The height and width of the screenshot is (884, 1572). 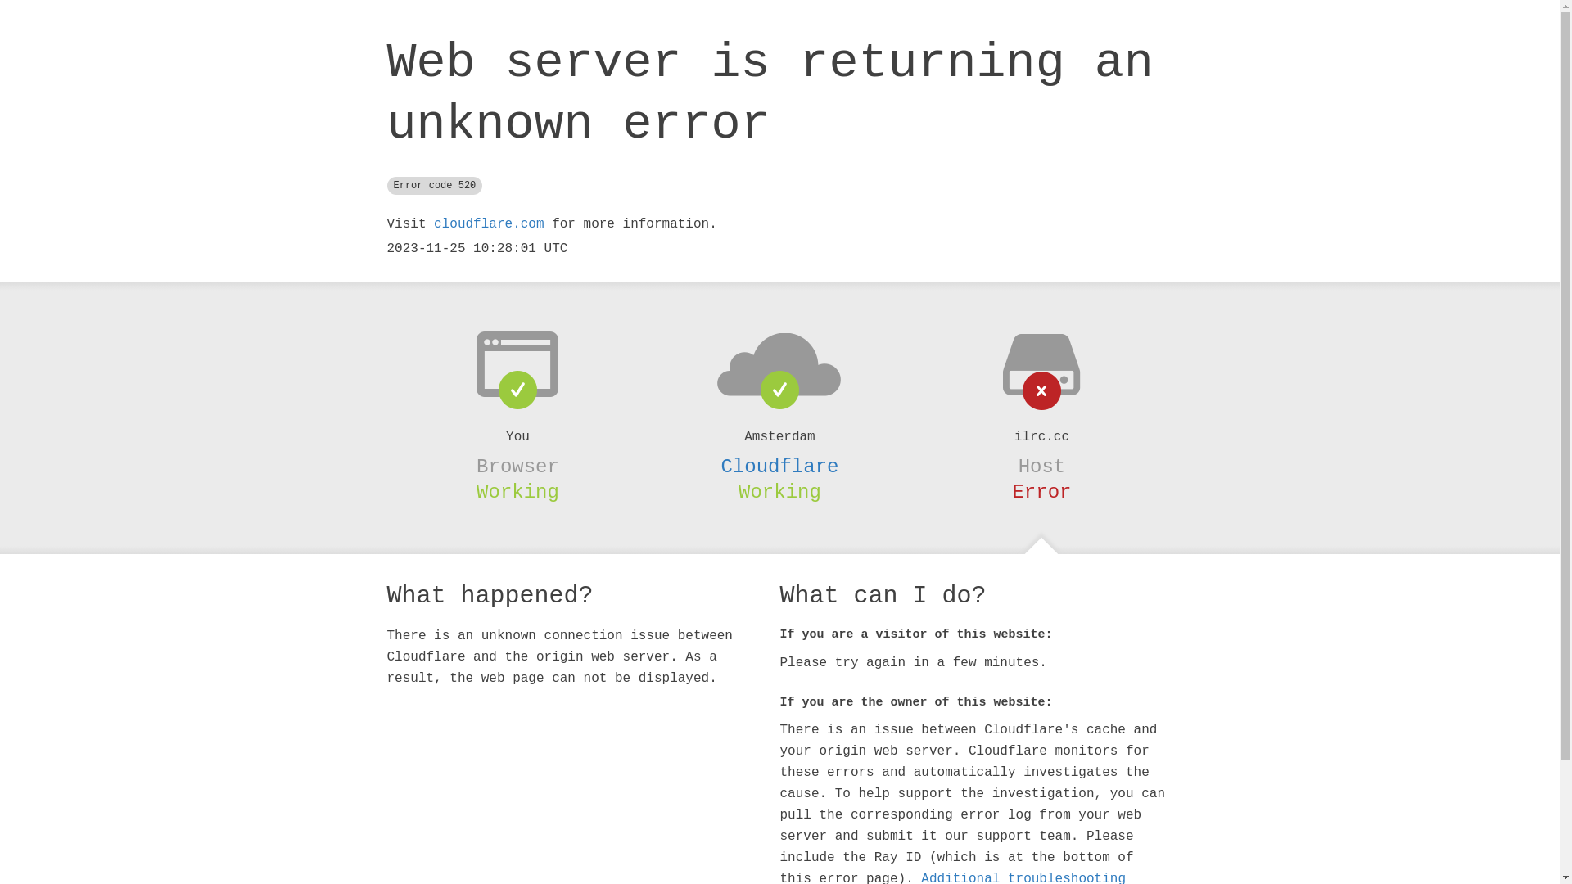 I want to click on 'cloudflare.com', so click(x=487, y=223).